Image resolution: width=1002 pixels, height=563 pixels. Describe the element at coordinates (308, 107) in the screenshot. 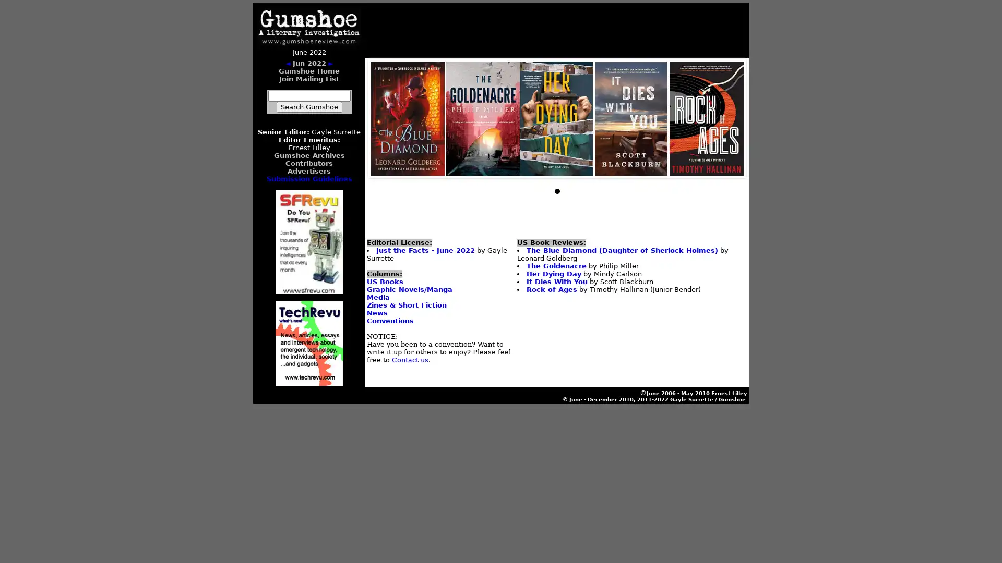

I see `Search Gumshoe` at that location.